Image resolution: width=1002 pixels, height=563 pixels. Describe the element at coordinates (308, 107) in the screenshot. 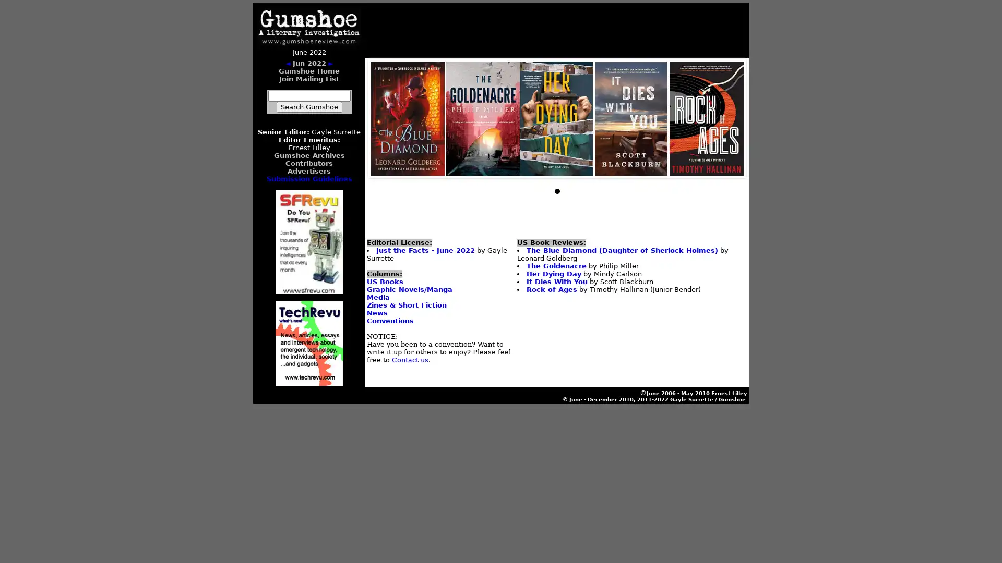

I see `Search Gumshoe` at that location.